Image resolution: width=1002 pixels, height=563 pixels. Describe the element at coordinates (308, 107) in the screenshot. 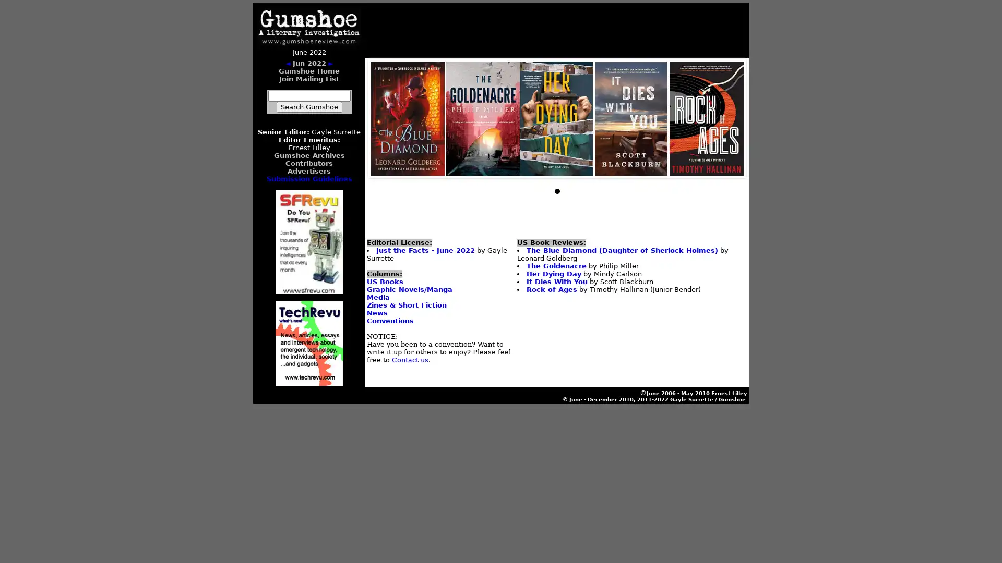

I see `Search Gumshoe` at that location.